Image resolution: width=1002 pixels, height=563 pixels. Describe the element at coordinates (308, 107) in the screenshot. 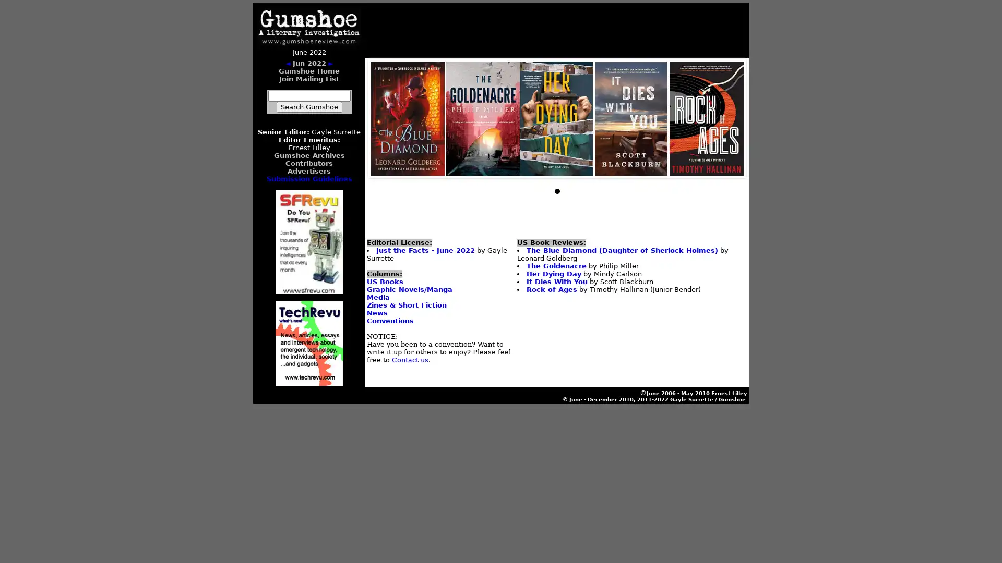

I see `Search Gumshoe` at that location.